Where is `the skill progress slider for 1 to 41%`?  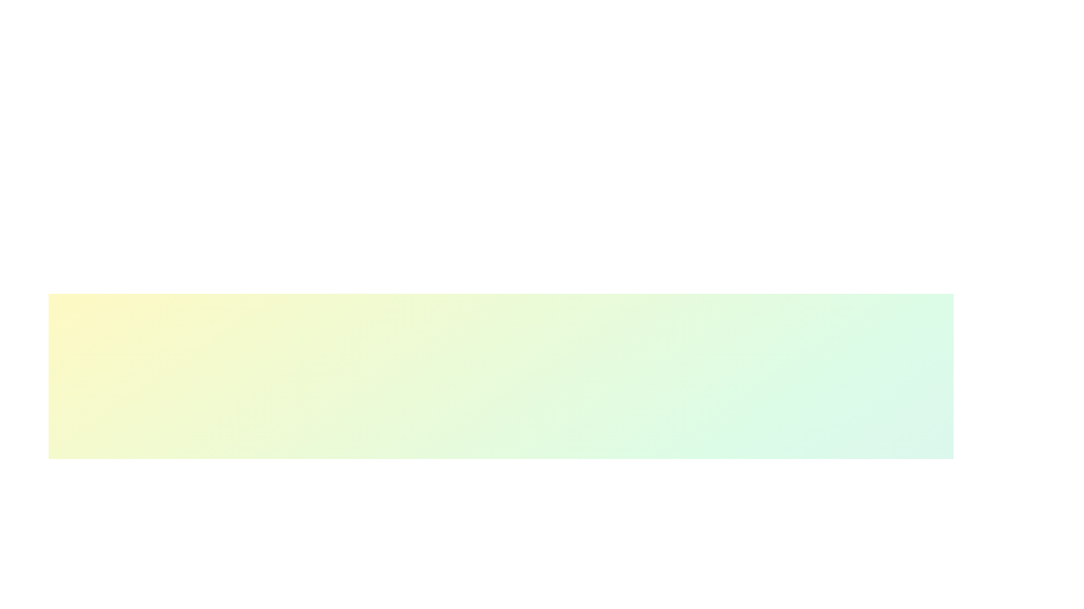 the skill progress slider for 1 to 41% is located at coordinates (478, 602).